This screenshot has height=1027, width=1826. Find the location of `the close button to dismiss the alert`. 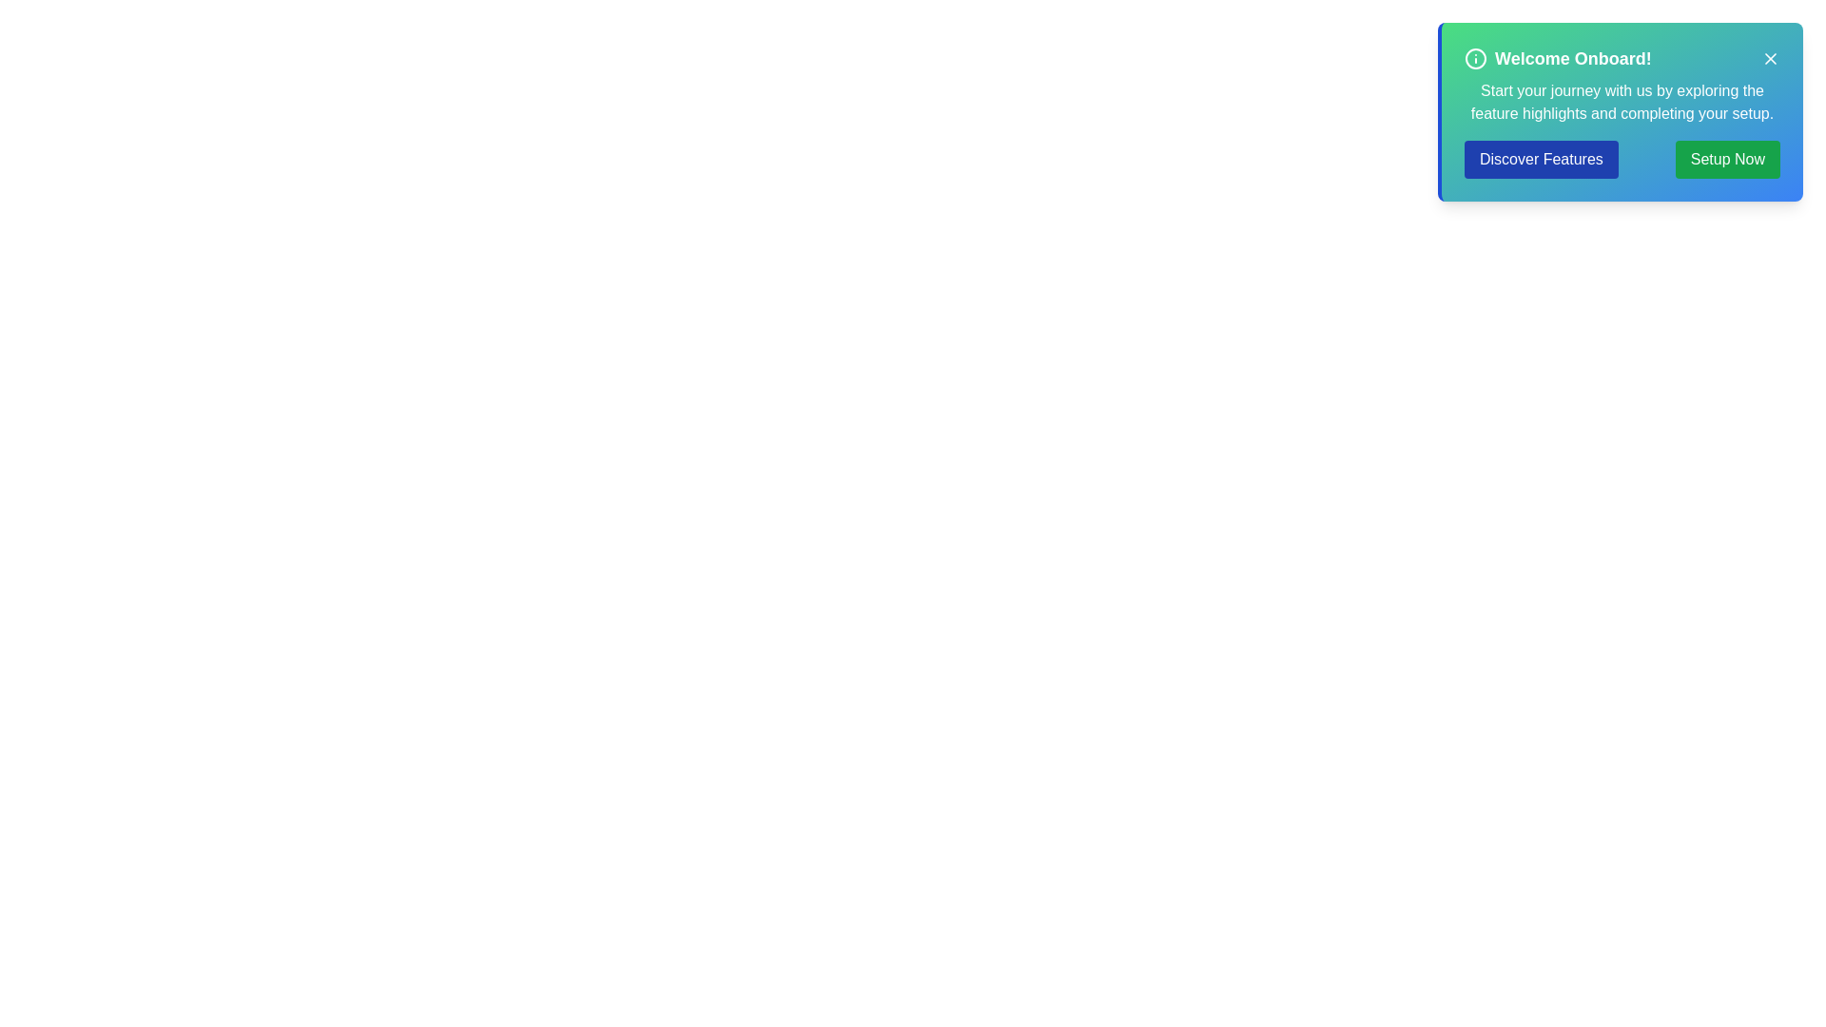

the close button to dismiss the alert is located at coordinates (1770, 57).